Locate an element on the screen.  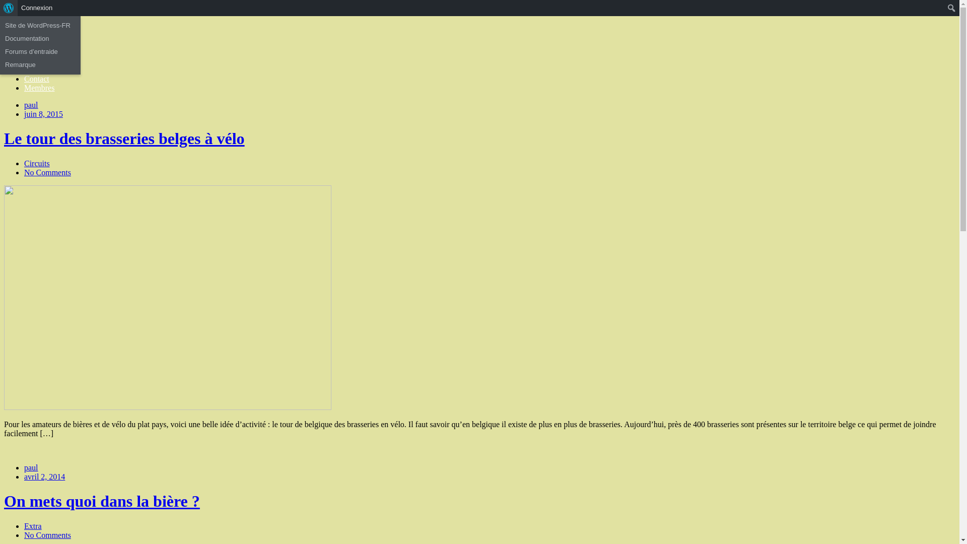
'Connexion' is located at coordinates (37, 8).